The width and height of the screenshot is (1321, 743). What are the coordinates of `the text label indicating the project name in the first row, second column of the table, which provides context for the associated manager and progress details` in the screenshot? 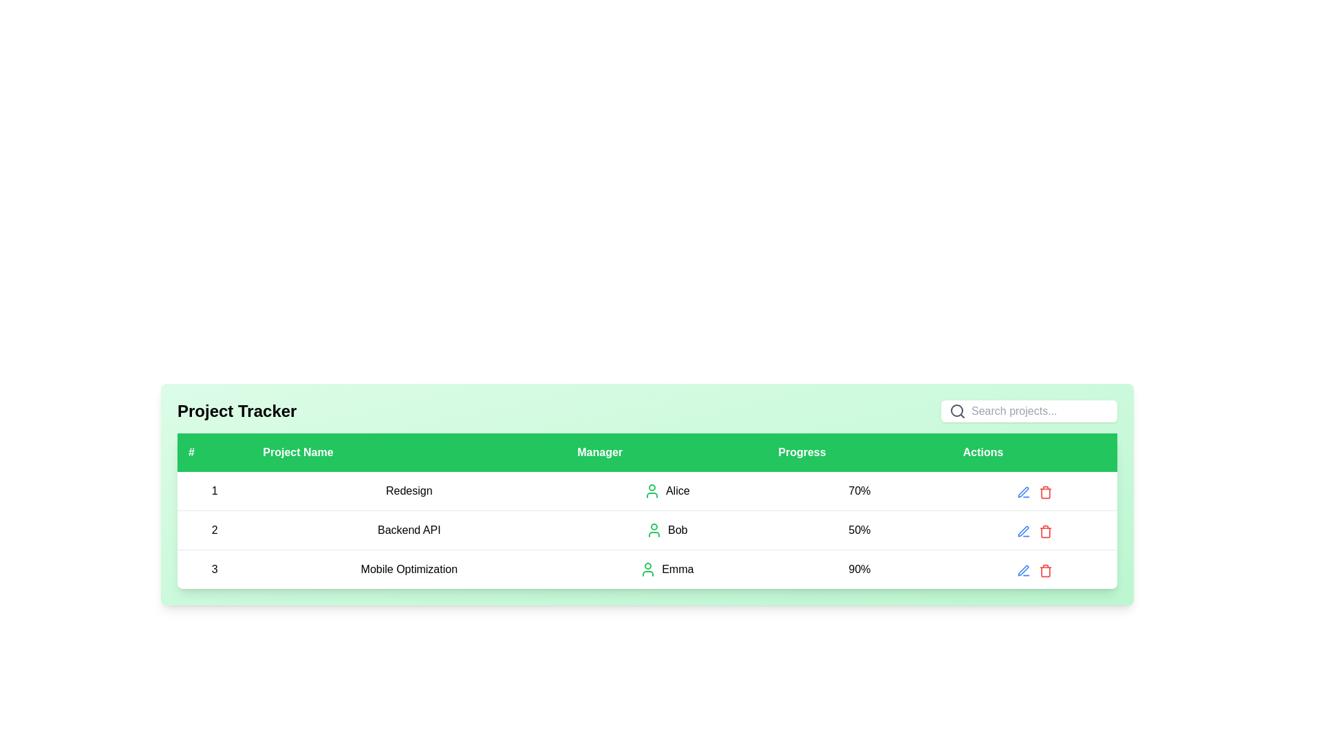 It's located at (408, 491).